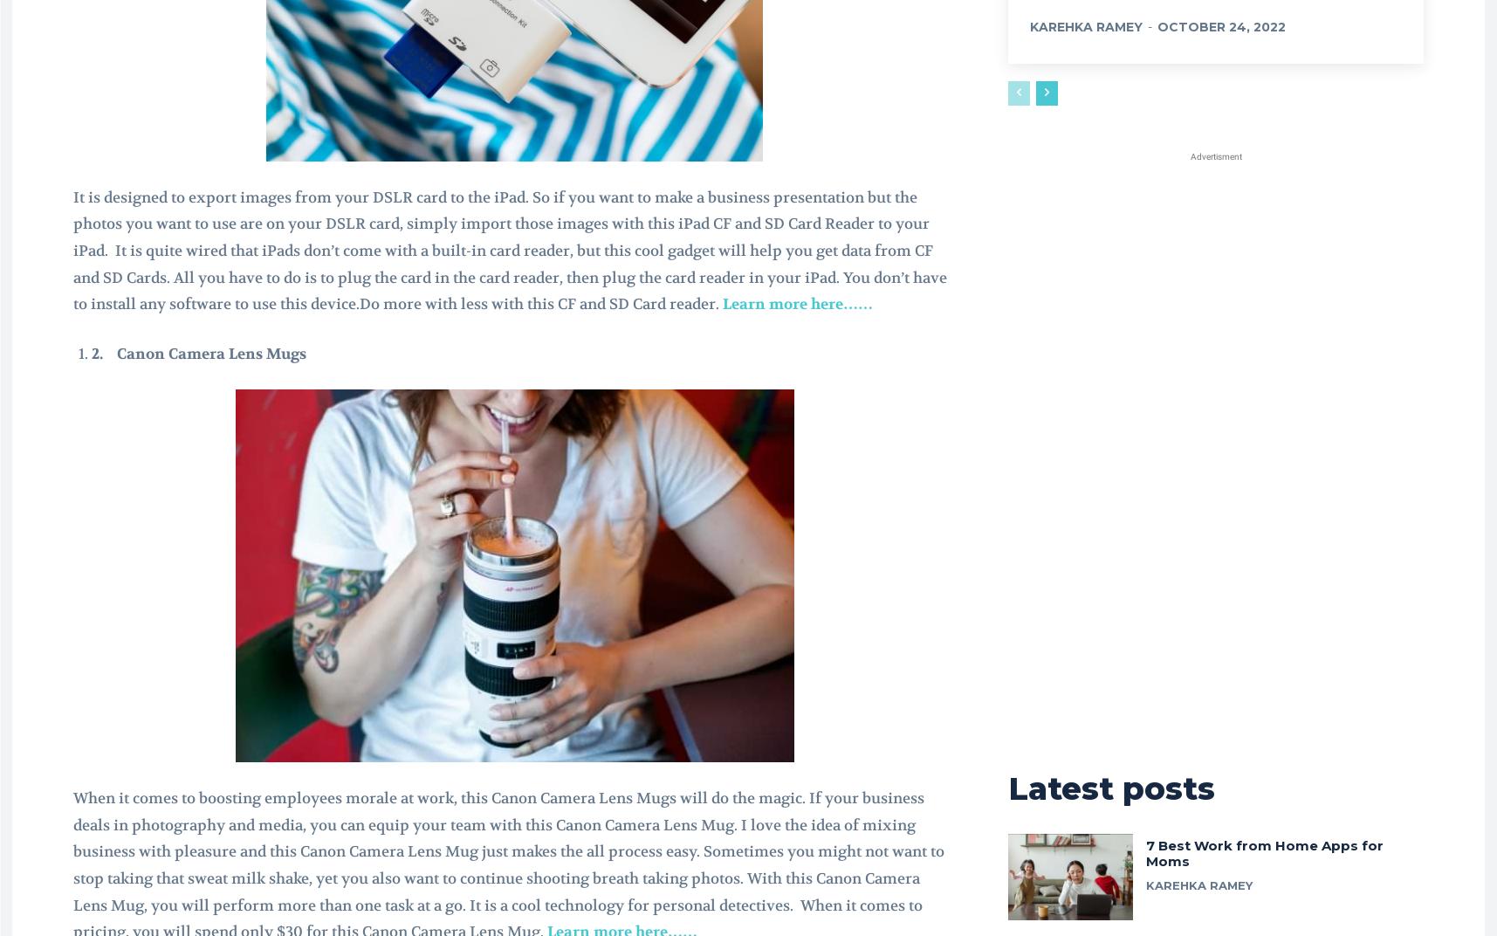 This screenshot has width=1497, height=936. I want to click on 'Learn more here……', so click(797, 303).